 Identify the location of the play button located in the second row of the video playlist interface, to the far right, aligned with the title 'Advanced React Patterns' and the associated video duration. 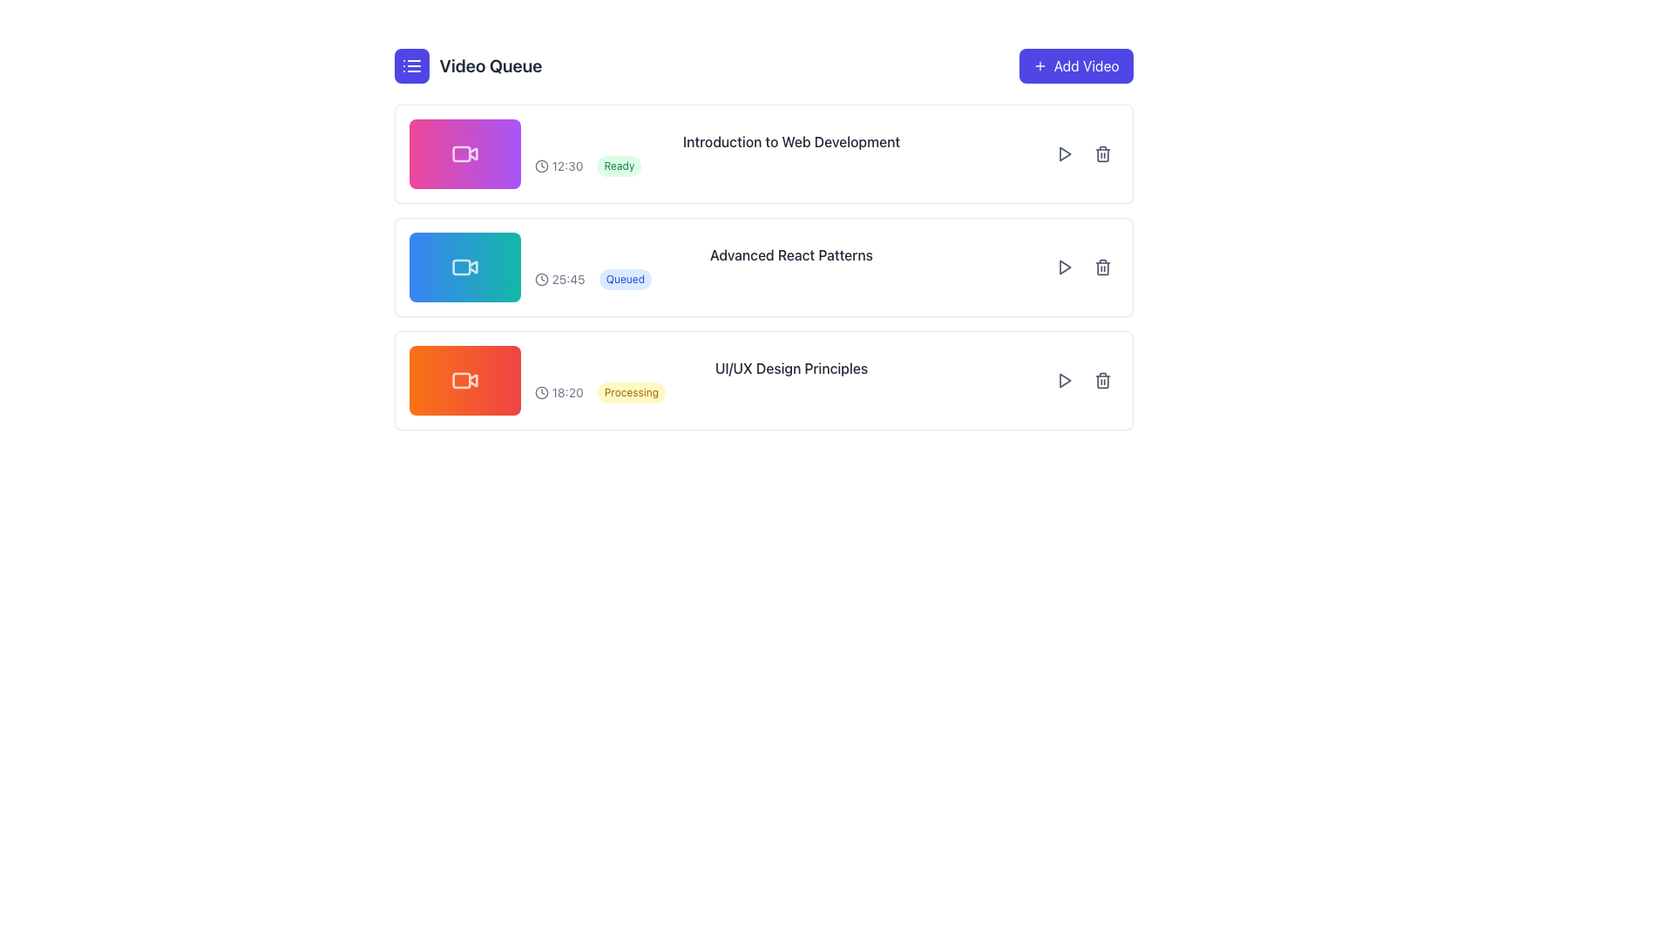
(1063, 267).